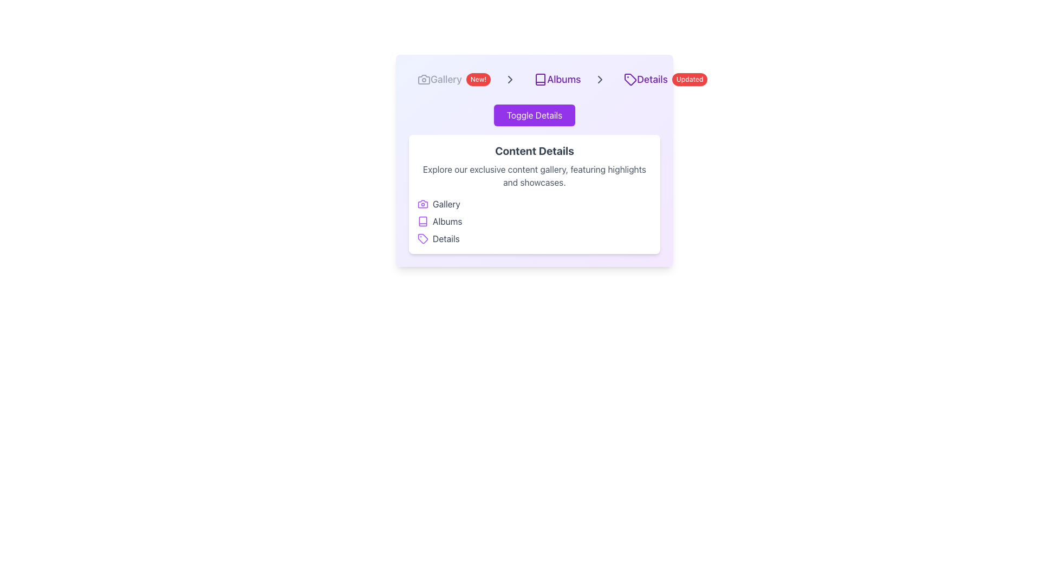 Image resolution: width=1040 pixels, height=585 pixels. Describe the element at coordinates (447, 220) in the screenshot. I see `the 'Albums' text label which is styled in dark gray and is positioned below the breadcrumb navigation in a horizontal flexbox layout` at that location.